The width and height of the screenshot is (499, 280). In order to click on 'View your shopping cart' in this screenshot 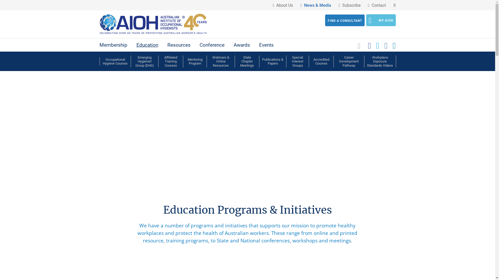, I will do `click(359, 45)`.